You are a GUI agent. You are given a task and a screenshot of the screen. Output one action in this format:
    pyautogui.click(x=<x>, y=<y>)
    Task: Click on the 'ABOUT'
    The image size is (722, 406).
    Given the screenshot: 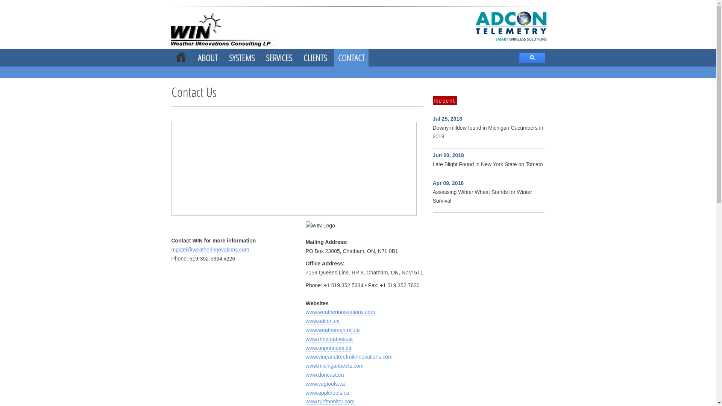 What is the action you would take?
    pyautogui.click(x=208, y=57)
    